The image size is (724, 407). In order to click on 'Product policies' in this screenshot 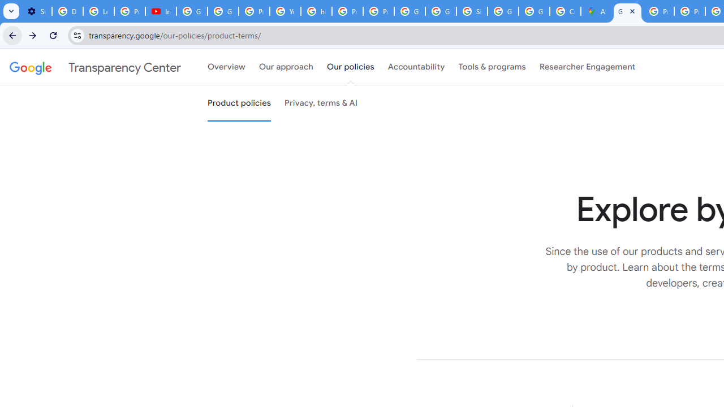, I will do `click(239, 103)`.